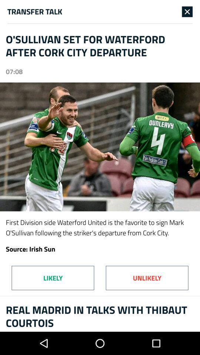 The width and height of the screenshot is (200, 355). I want to click on icon to the right of the transfer talk item, so click(187, 11).